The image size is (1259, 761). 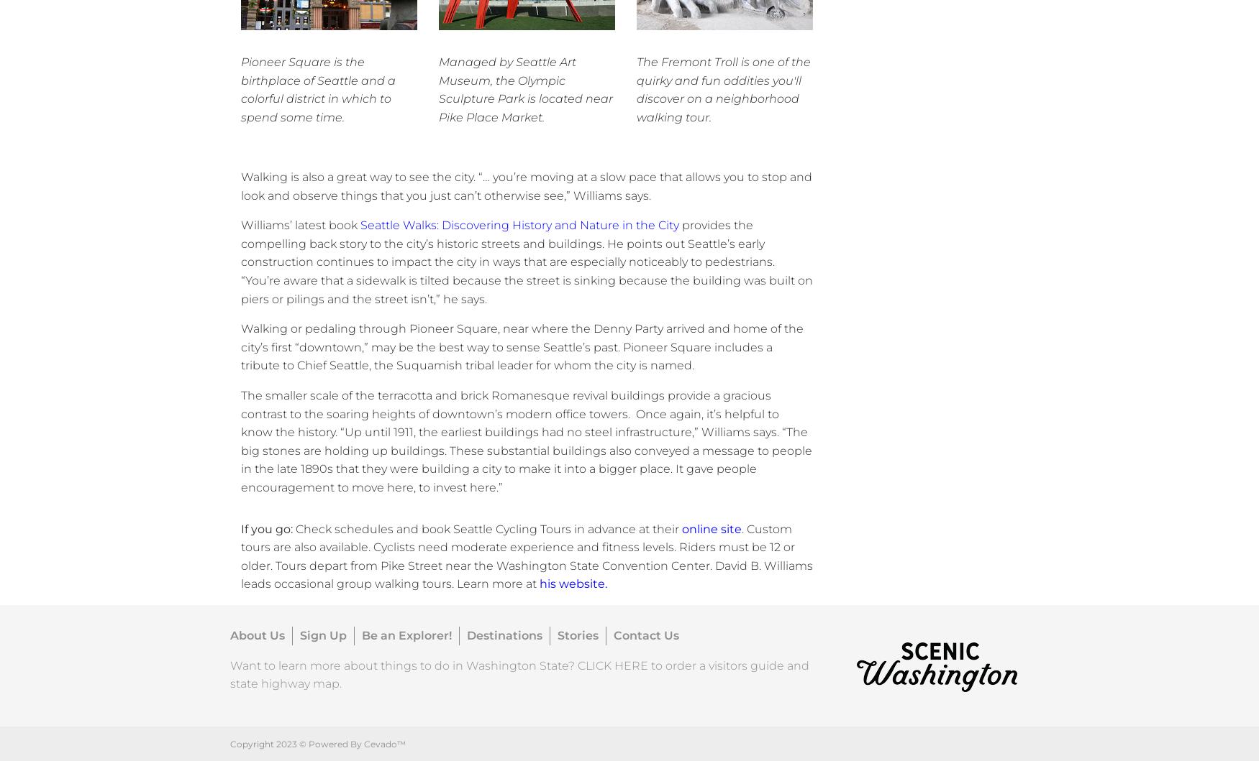 I want to click on 'Williams’ latest book', so click(x=300, y=225).